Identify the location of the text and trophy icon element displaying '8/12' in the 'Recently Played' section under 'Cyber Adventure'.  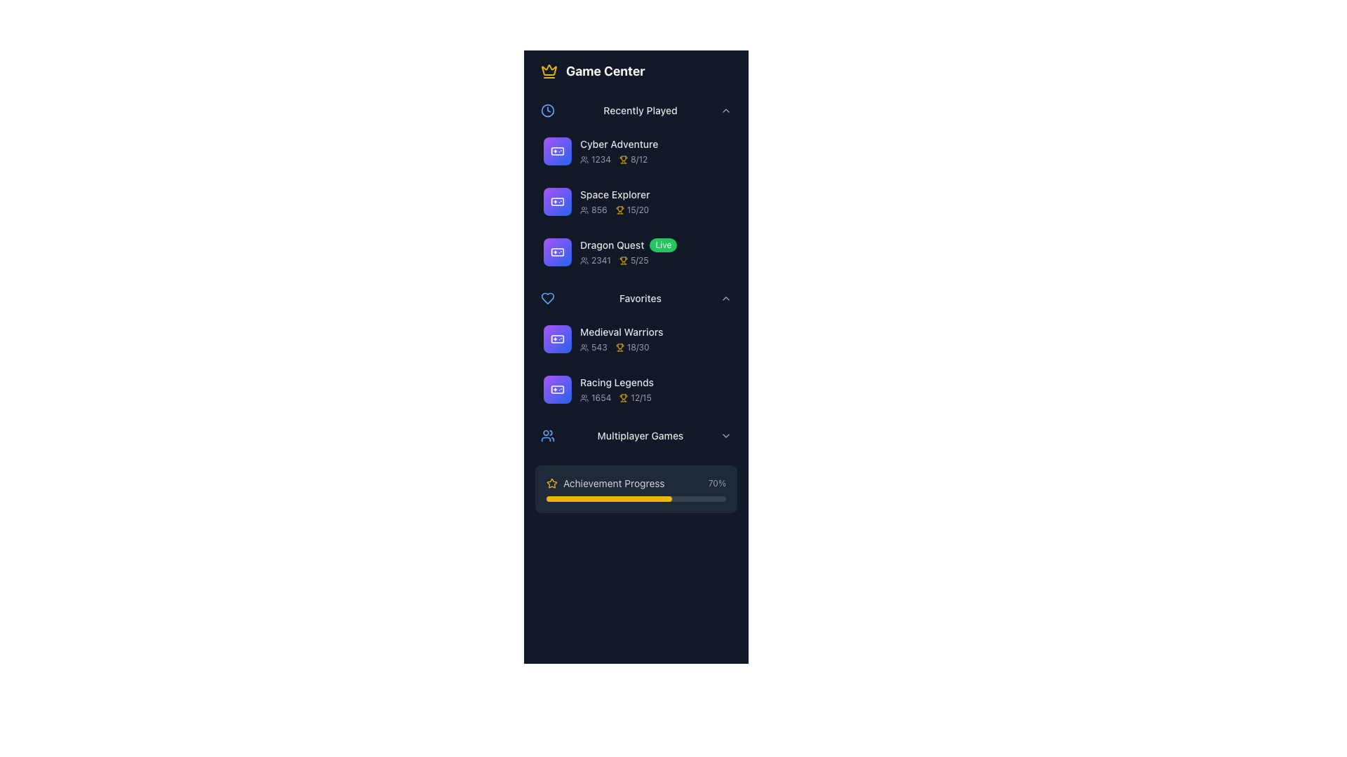
(633, 158).